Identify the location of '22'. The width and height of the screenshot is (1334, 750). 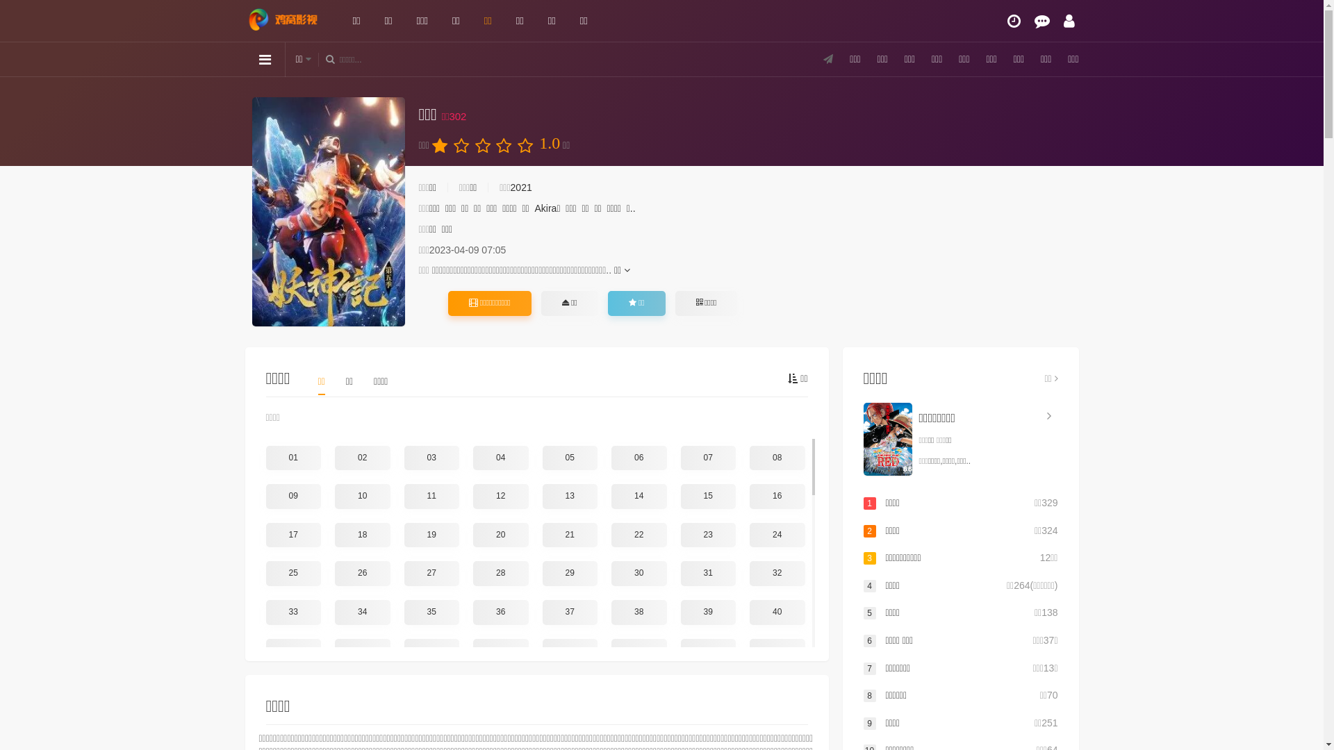
(639, 535).